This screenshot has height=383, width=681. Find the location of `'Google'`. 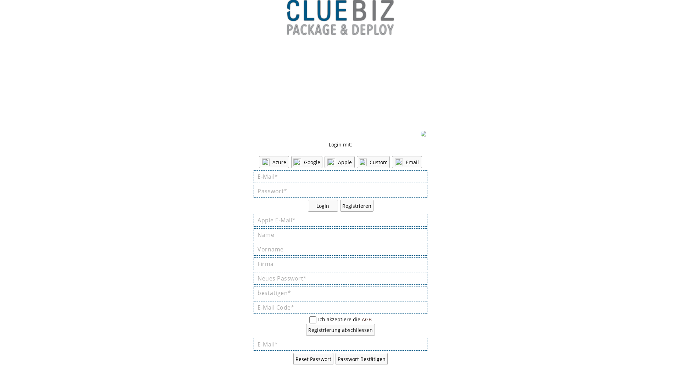

'Google' is located at coordinates (306, 162).